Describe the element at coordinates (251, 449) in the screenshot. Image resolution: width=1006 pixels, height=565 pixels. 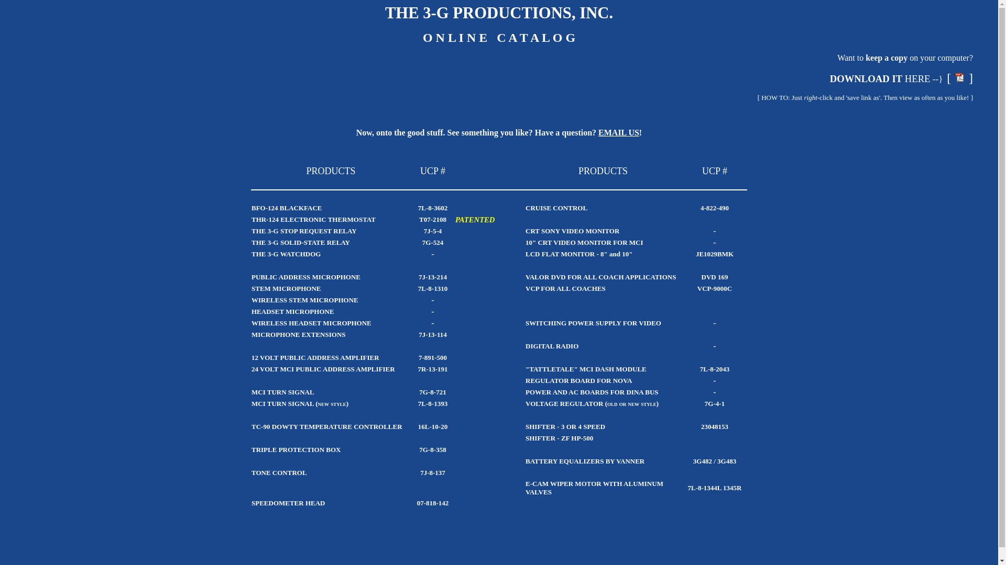
I see `'TRIPLE PROTECTION BOX'` at that location.